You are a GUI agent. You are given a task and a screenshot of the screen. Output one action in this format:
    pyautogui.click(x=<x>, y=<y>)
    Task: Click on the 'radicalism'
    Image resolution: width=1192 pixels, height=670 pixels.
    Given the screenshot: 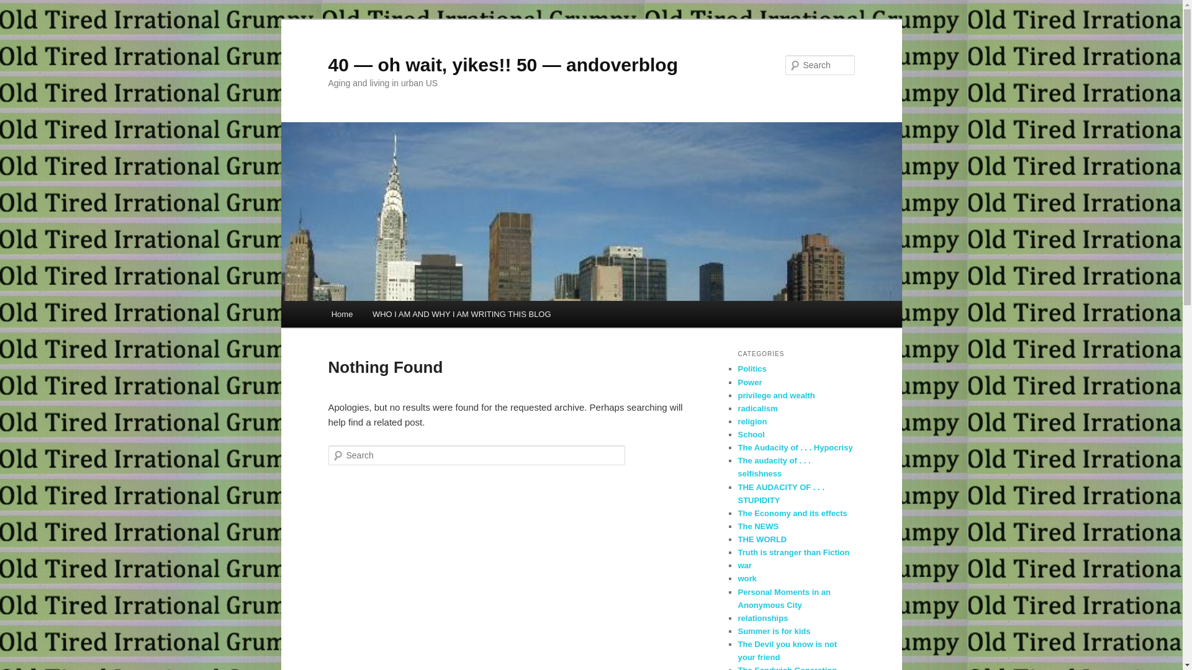 What is the action you would take?
    pyautogui.click(x=738, y=408)
    